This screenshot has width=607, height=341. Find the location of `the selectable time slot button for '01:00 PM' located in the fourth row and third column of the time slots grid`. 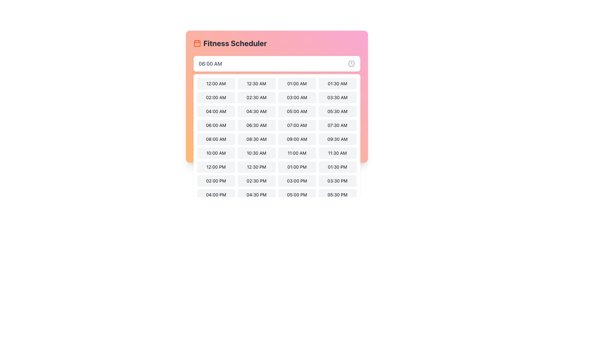

the selectable time slot button for '01:00 PM' located in the fourth row and third column of the time slots grid is located at coordinates (297, 166).